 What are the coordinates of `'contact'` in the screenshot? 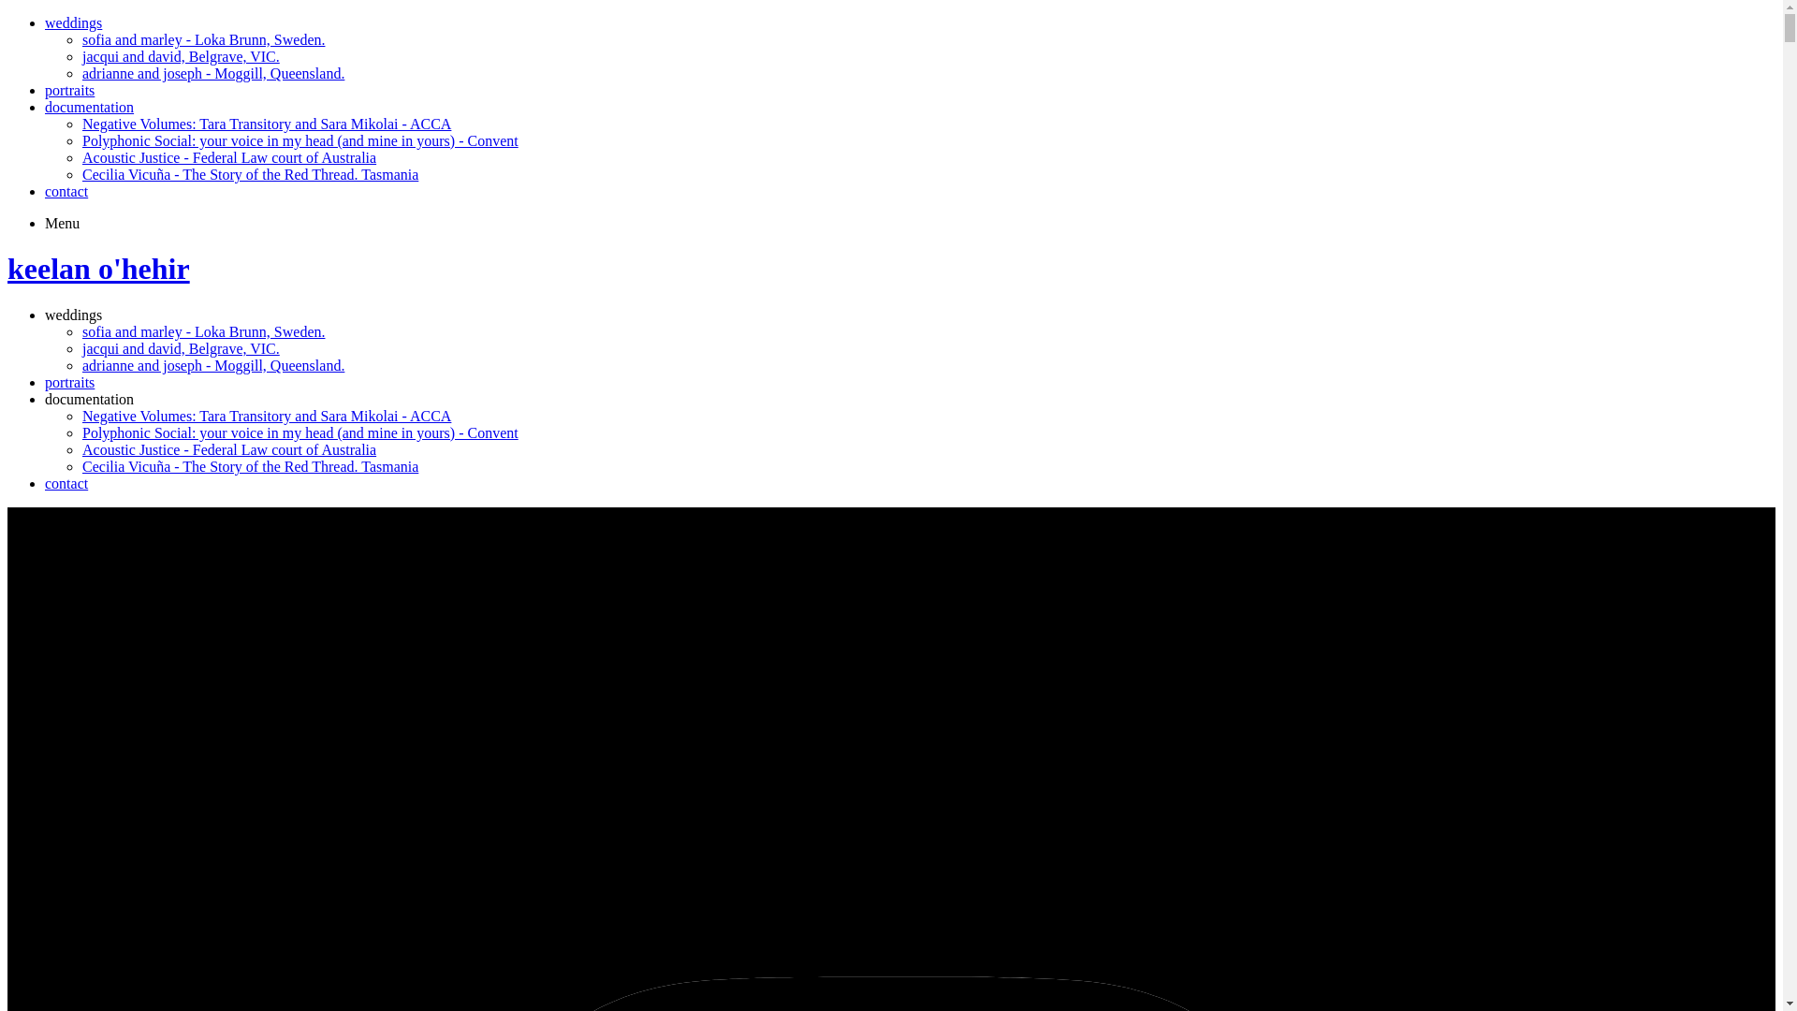 It's located at (66, 191).